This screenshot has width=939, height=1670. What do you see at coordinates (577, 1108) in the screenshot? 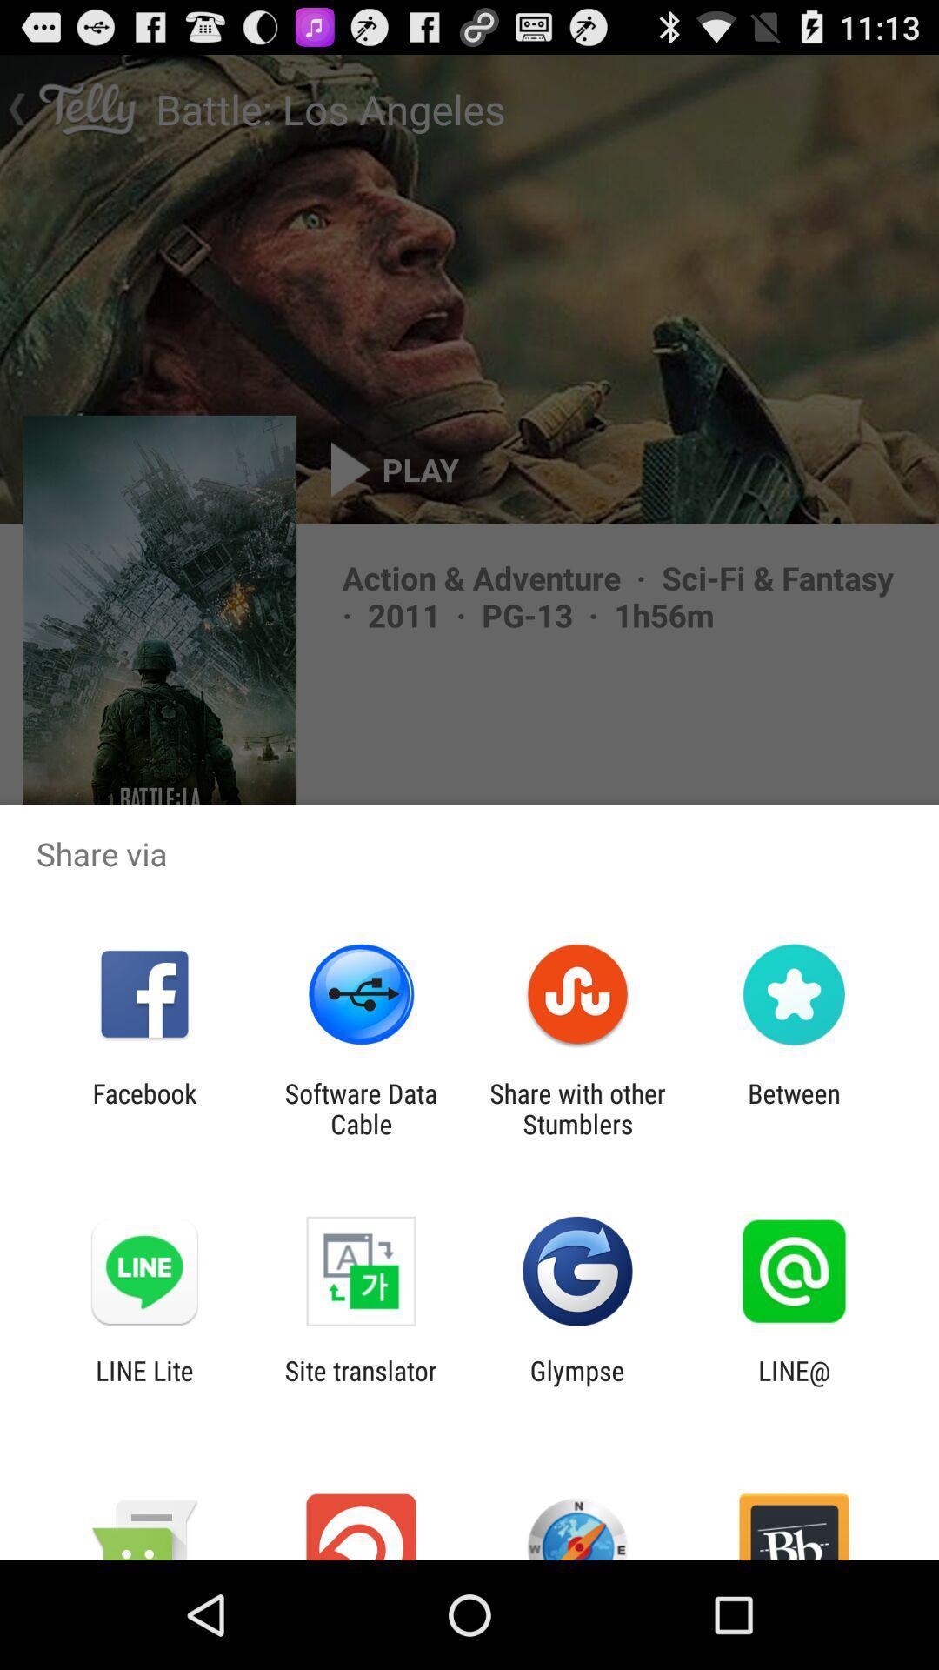
I see `the item next to between` at bounding box center [577, 1108].